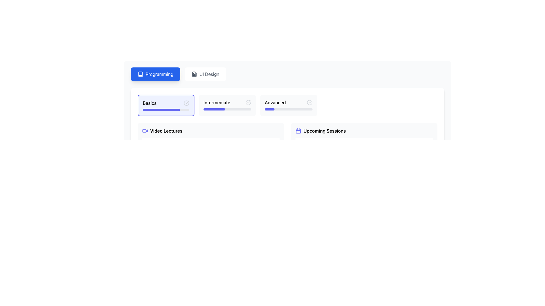 The height and width of the screenshot is (306, 545). Describe the element at coordinates (140, 74) in the screenshot. I see `the Programming tab icon, which is a symbolic representation of learning or contents of a book, located at the top-left corner of the interface` at that location.